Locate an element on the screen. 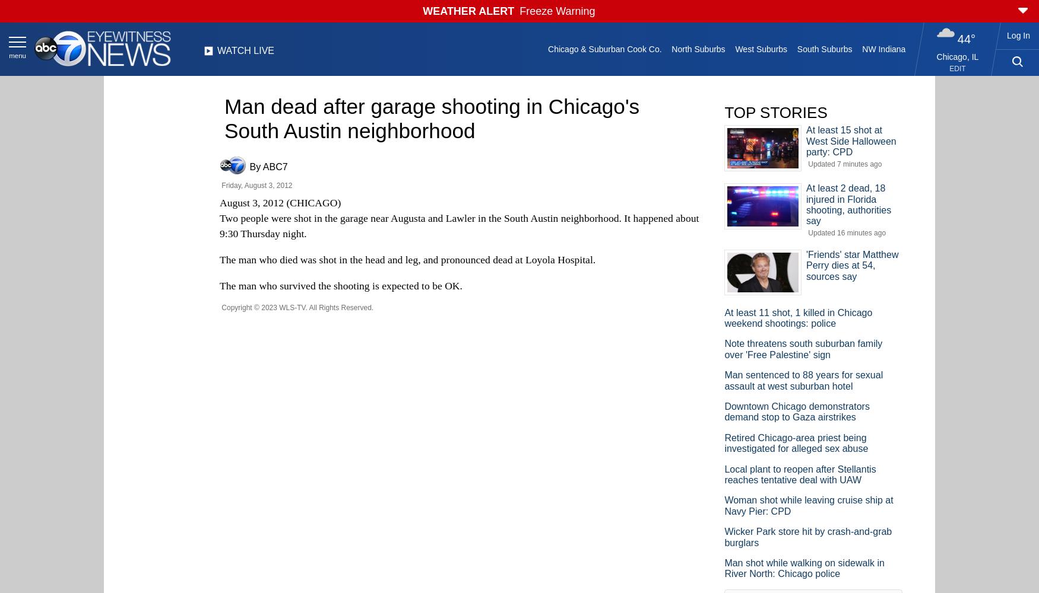 This screenshot has width=1039, height=593. 'West Suburbs' is located at coordinates (734, 49).